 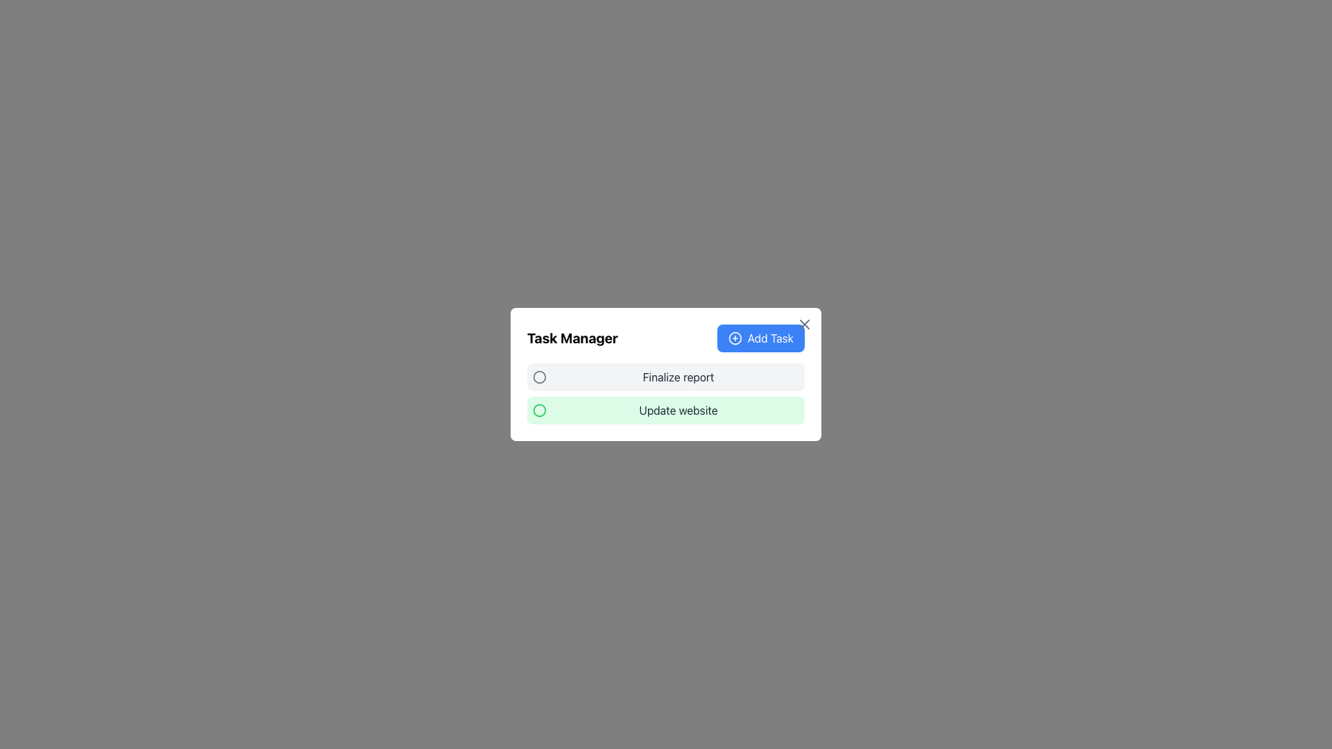 I want to click on the solid green circle Status Indicator located to the left of the text 'Update website' in the task list, so click(x=538, y=409).